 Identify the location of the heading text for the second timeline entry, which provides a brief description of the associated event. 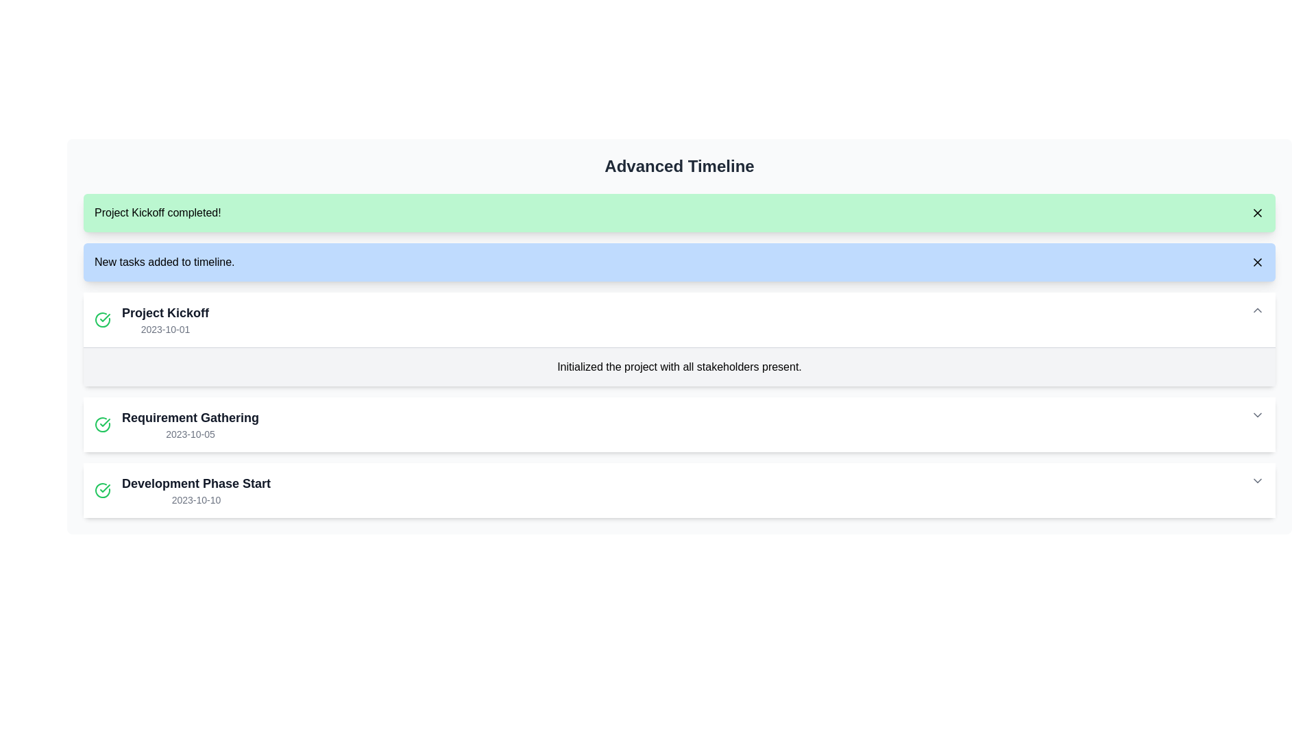
(190, 417).